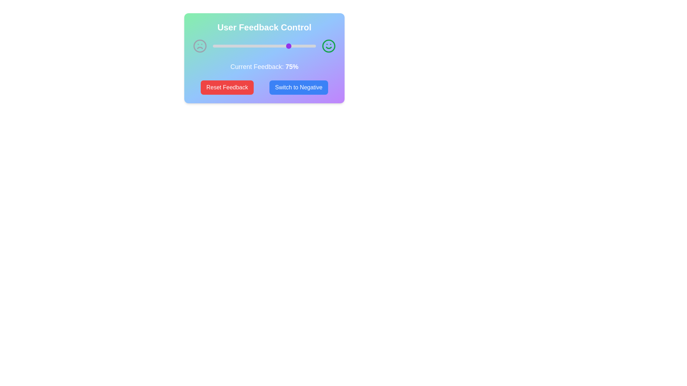 The height and width of the screenshot is (386, 687). What do you see at coordinates (302, 46) in the screenshot?
I see `the feedback slider to set the feedback percentage to 87` at bounding box center [302, 46].